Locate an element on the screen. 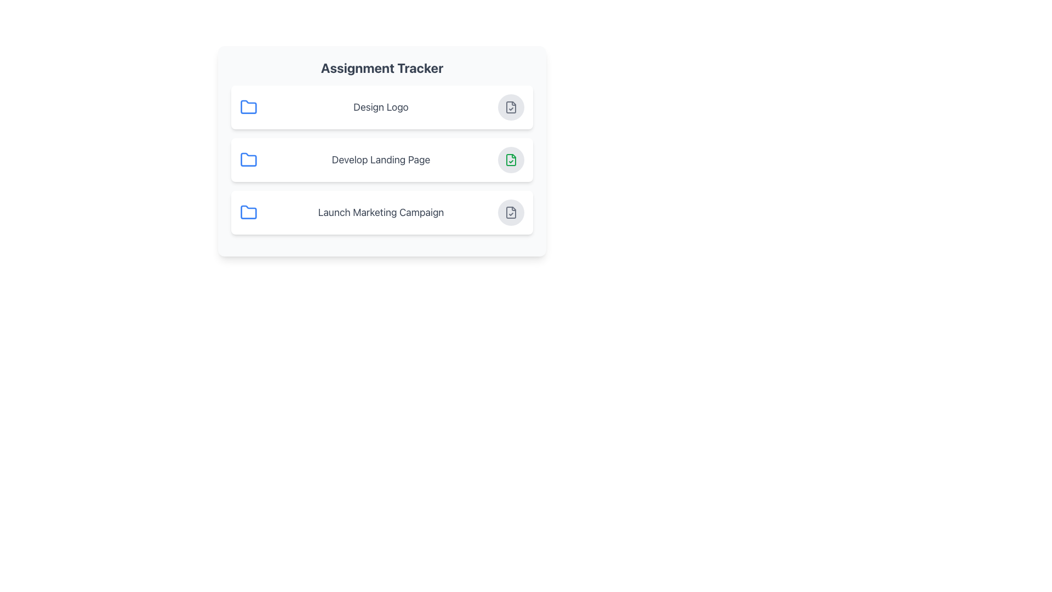  the third selectable item in the task list labeled 'Launch Marketing Campaign' is located at coordinates (382, 213).